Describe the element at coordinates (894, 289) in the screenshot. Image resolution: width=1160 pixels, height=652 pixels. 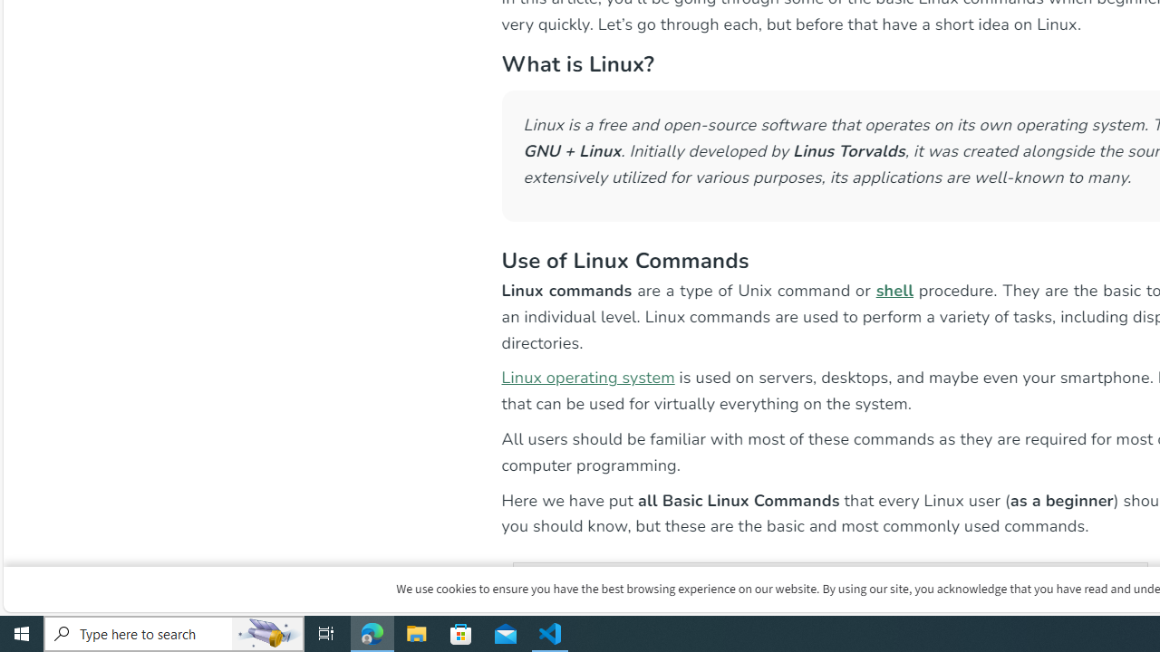
I see `'shell'` at that location.